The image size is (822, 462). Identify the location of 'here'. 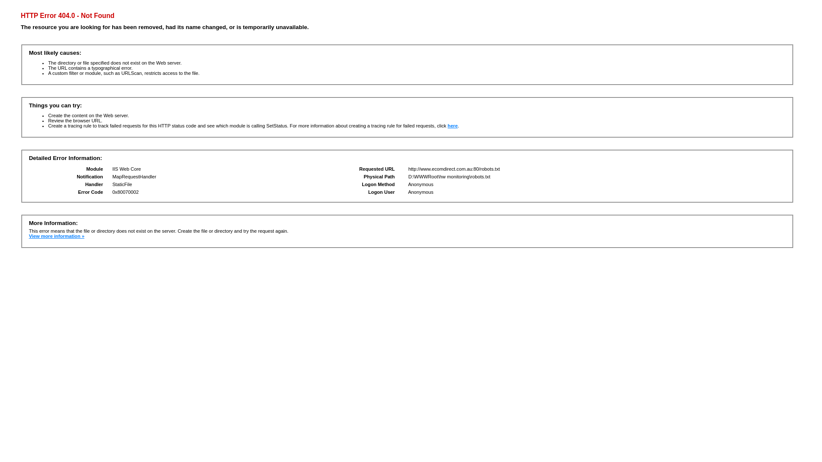
(452, 125).